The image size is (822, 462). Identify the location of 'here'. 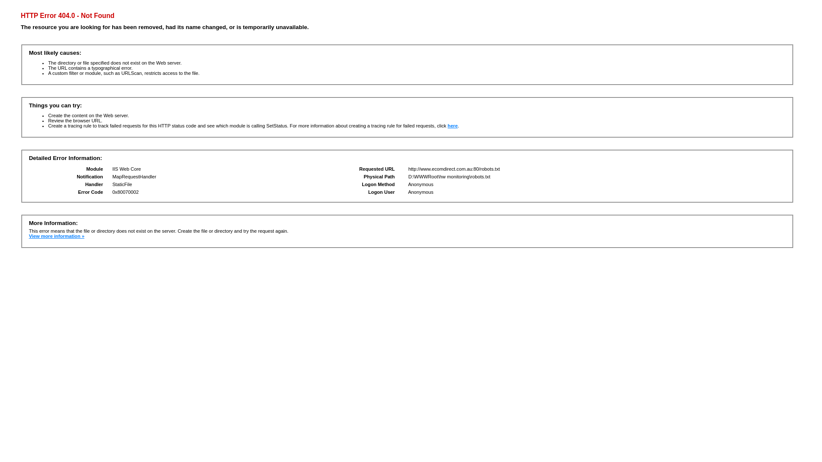
(452, 125).